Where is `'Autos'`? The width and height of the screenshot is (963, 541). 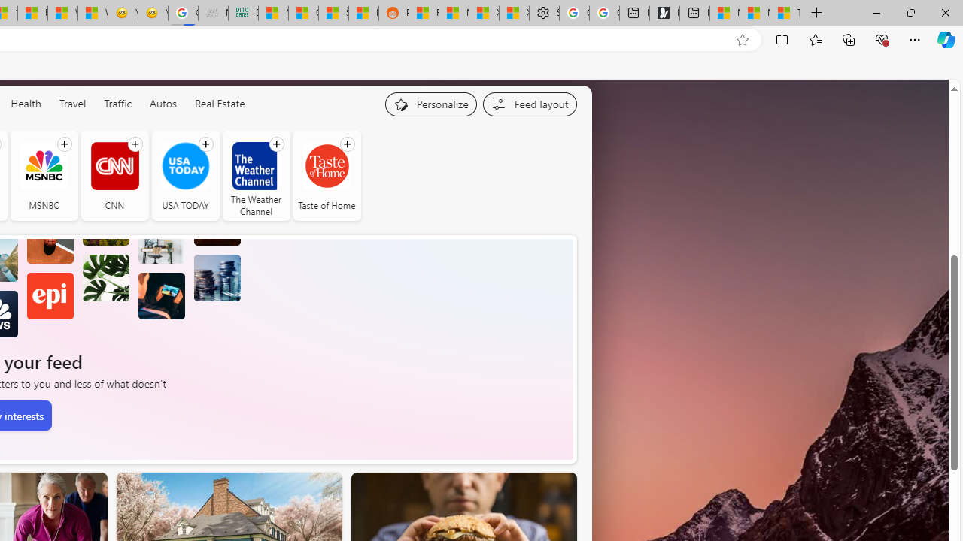 'Autos' is located at coordinates (163, 102).